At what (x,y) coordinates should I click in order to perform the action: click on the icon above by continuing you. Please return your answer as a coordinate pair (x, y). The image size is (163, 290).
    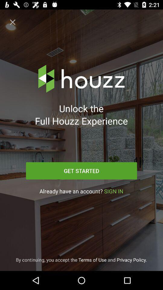
    Looking at the image, I should click on (81, 191).